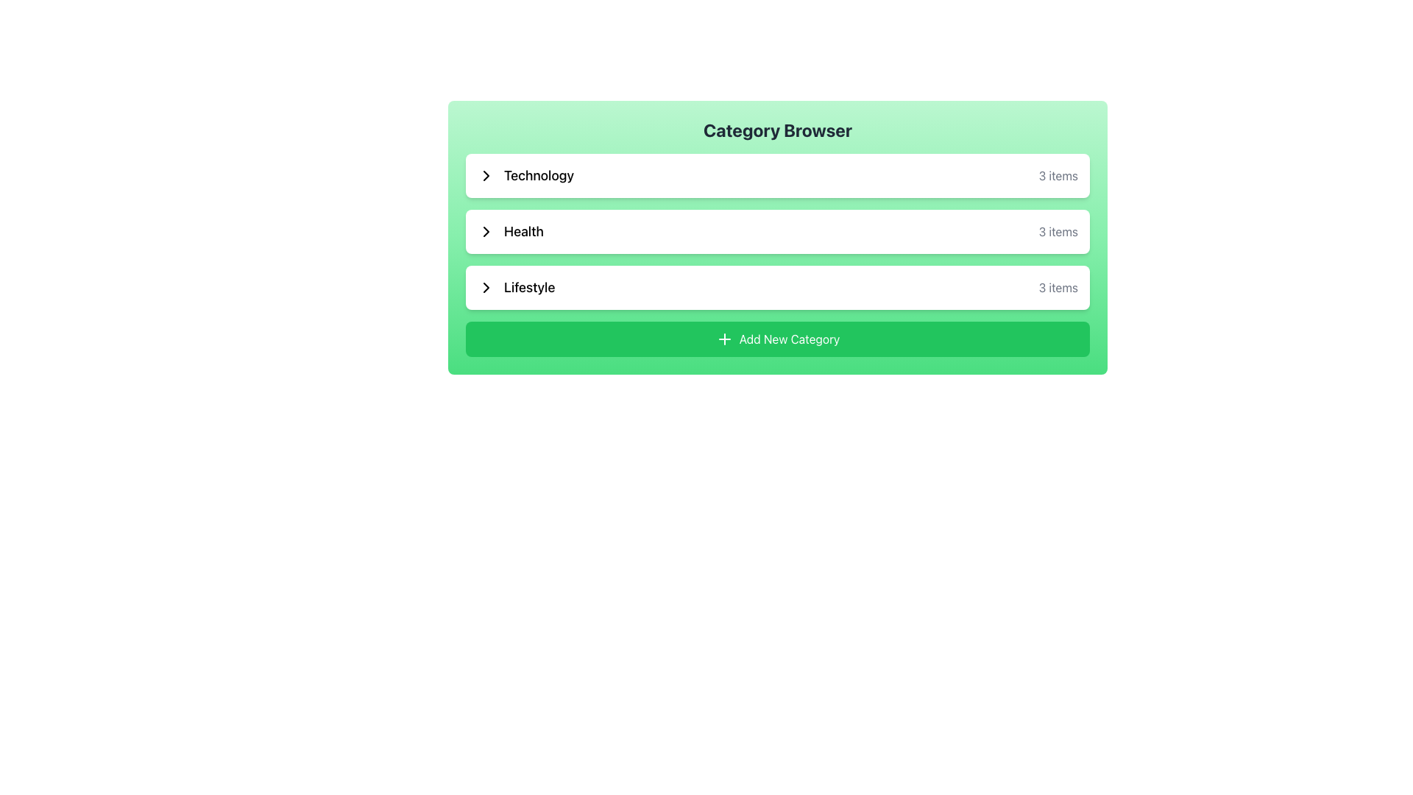  I want to click on the 'Health' category label located in the sidebar menu, positioned below 'Technology' and above 'Lifestyle', so click(523, 232).